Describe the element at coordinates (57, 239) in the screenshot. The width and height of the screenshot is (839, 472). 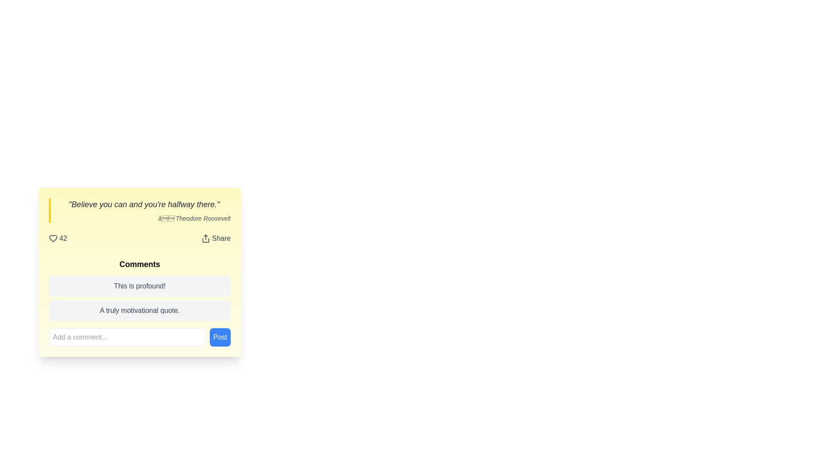
I see `the interactive component that features a heart icon and the text '42'` at that location.